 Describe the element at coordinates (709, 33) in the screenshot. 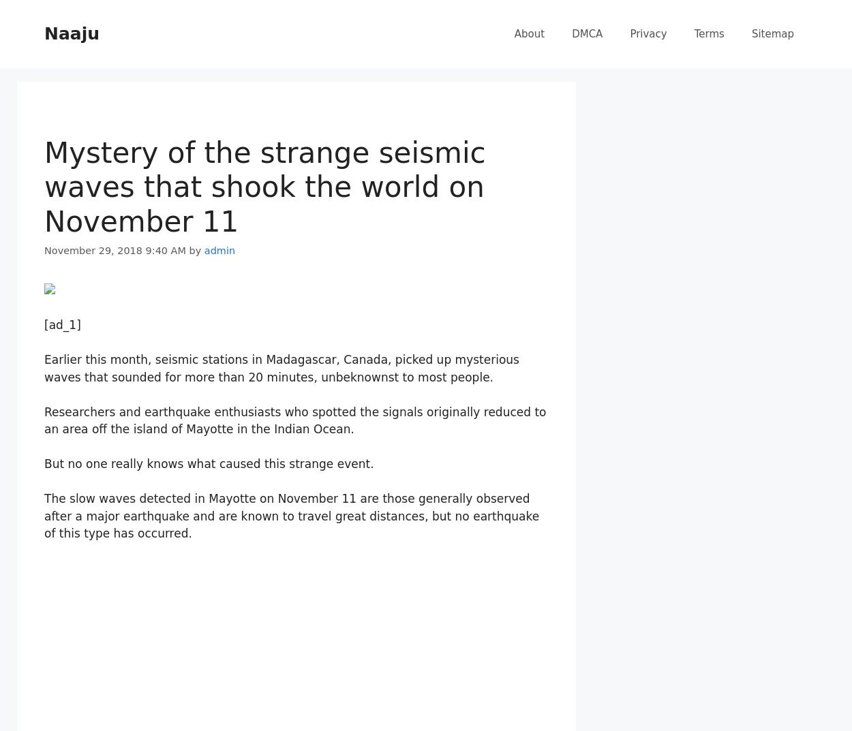

I see `'Terms'` at that location.